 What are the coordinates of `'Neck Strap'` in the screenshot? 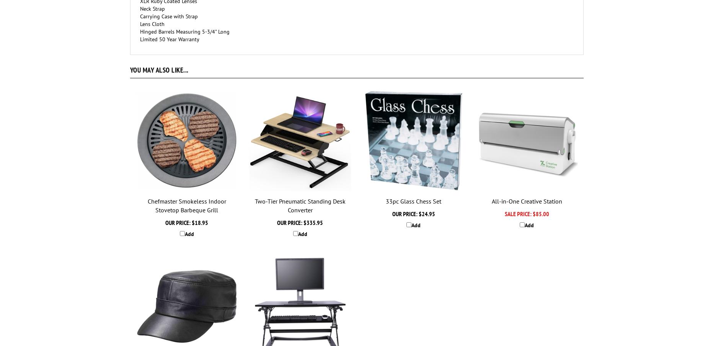 It's located at (139, 8).